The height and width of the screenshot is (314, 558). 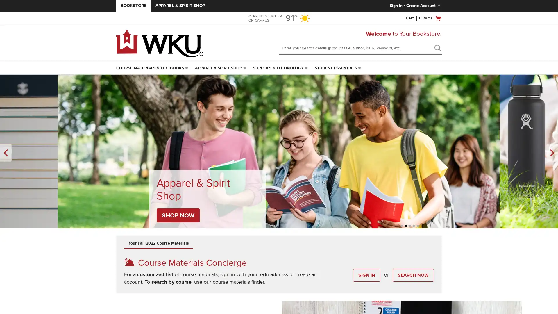 What do you see at coordinates (401, 225) in the screenshot?
I see `Unselected, Slide 1` at bounding box center [401, 225].